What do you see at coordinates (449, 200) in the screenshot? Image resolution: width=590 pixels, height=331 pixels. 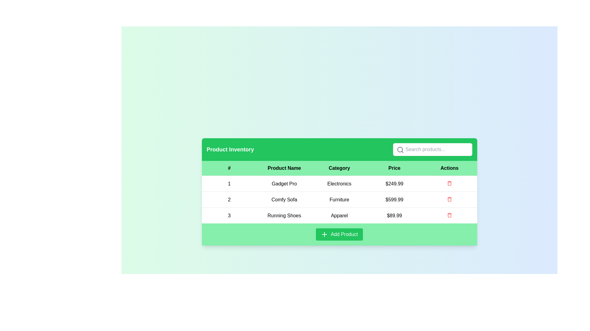 I see `the delete button in the 'Actions' column of the second row` at bounding box center [449, 200].